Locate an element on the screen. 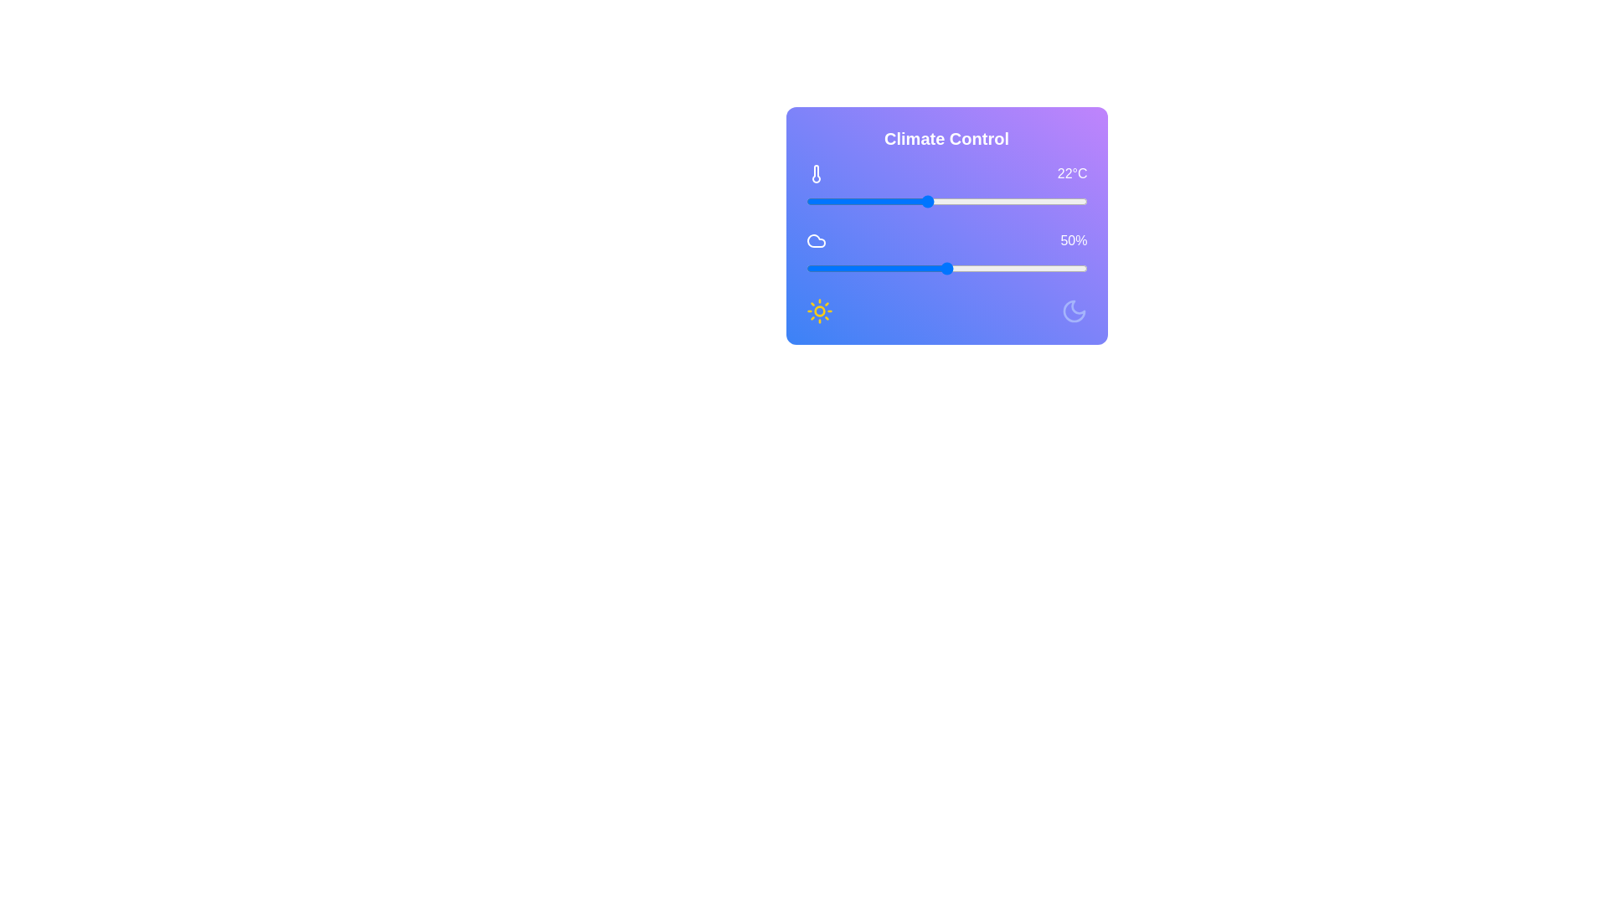 The height and width of the screenshot is (904, 1608). the slider is located at coordinates (1039, 267).